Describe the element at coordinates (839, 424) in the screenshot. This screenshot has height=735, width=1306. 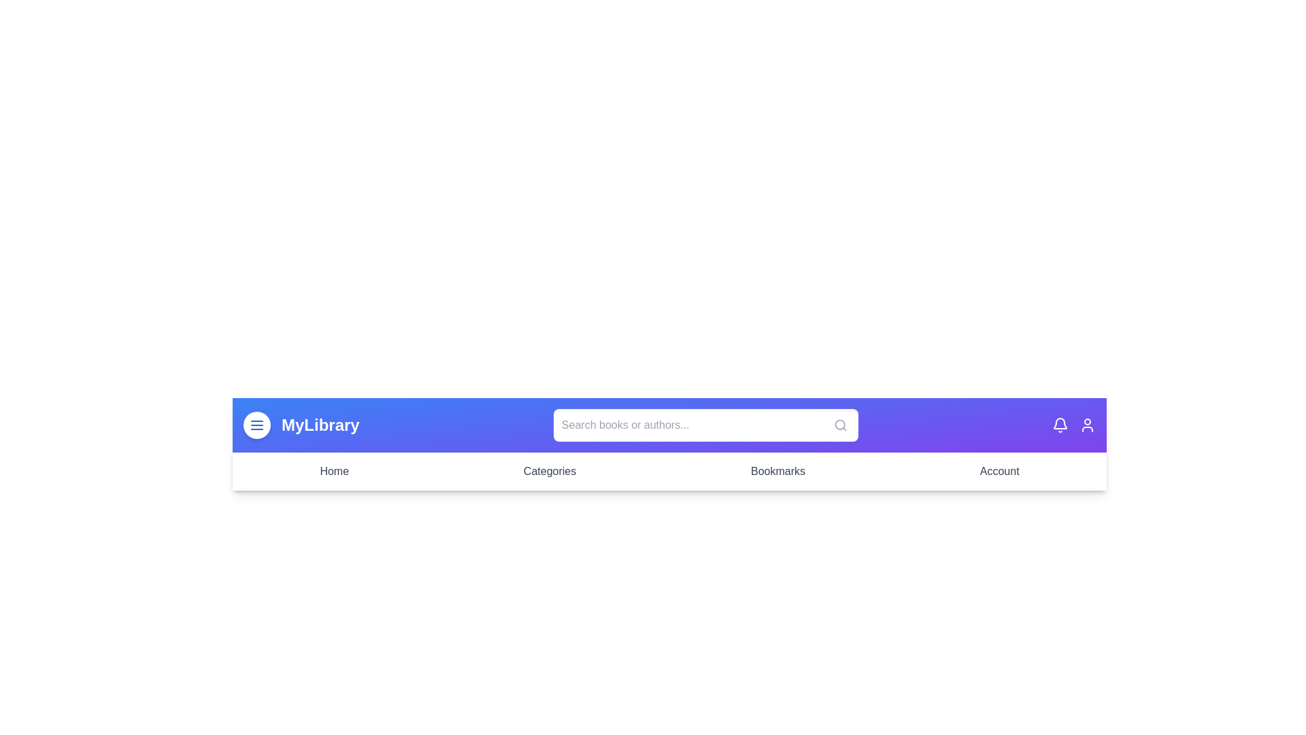
I see `the search icon to initiate a search` at that location.